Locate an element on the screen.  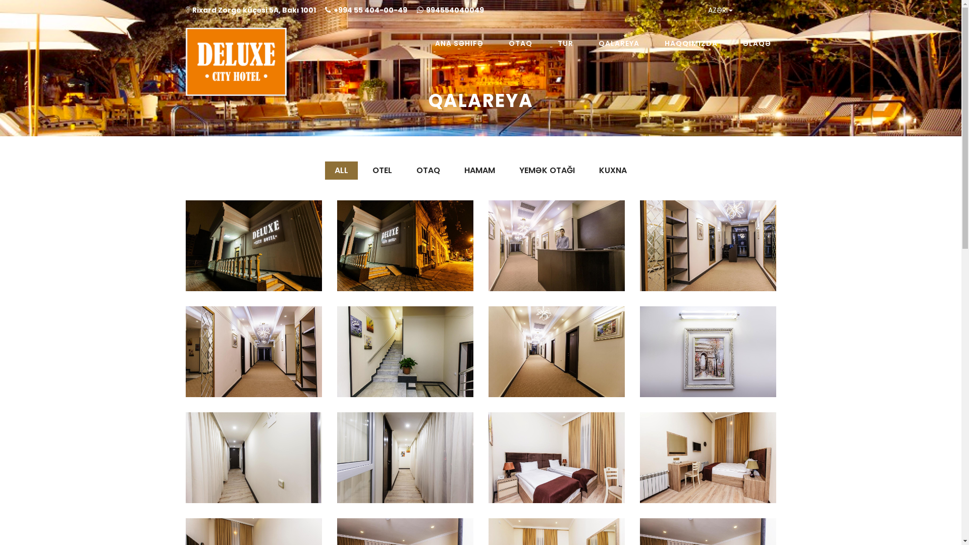
'ALL' is located at coordinates (341, 170).